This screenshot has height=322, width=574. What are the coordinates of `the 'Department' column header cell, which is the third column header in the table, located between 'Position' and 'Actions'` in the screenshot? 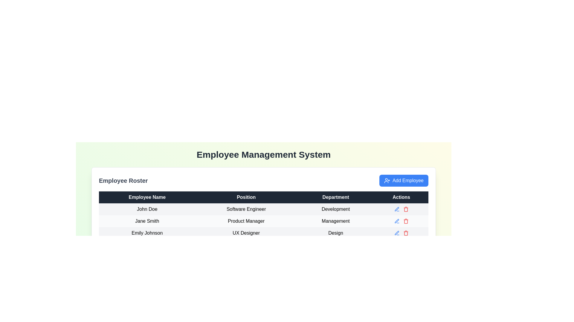 It's located at (336, 197).